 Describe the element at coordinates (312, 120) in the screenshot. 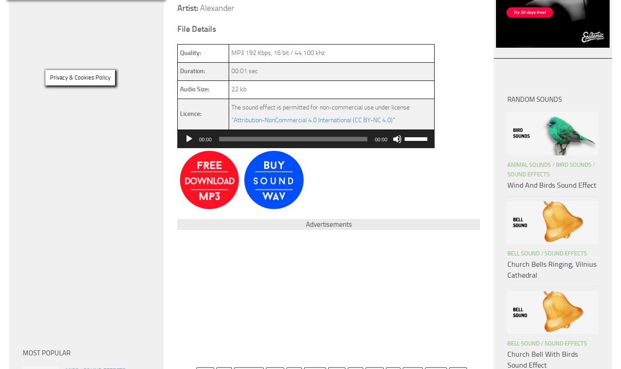

I see `'“Attribution-NonCommercial 4.0 International (CC BY-NC 4.0)'` at that location.